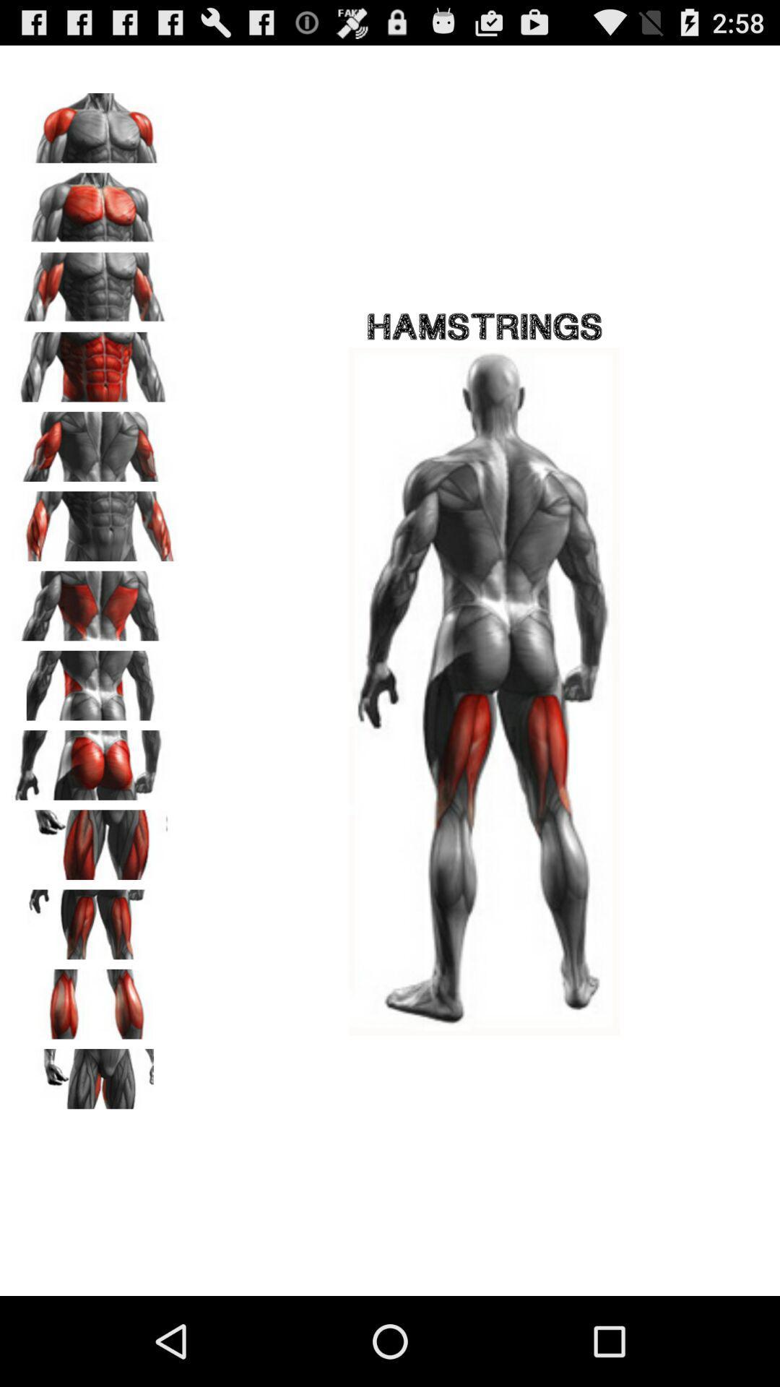 The width and height of the screenshot is (780, 1387). What do you see at coordinates (95, 998) in the screenshot?
I see `change target muscle` at bounding box center [95, 998].